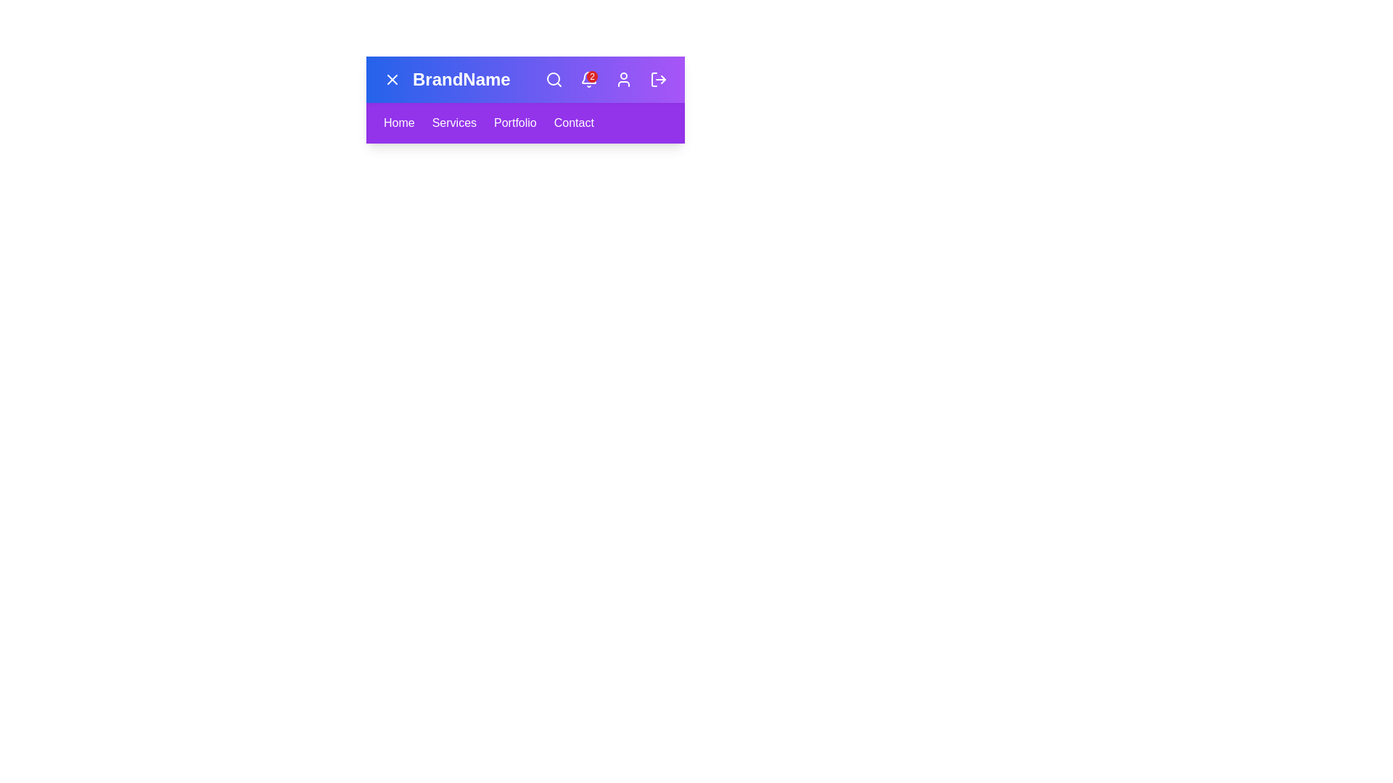 The width and height of the screenshot is (1393, 783). I want to click on the user-shaped icon, so click(623, 80).